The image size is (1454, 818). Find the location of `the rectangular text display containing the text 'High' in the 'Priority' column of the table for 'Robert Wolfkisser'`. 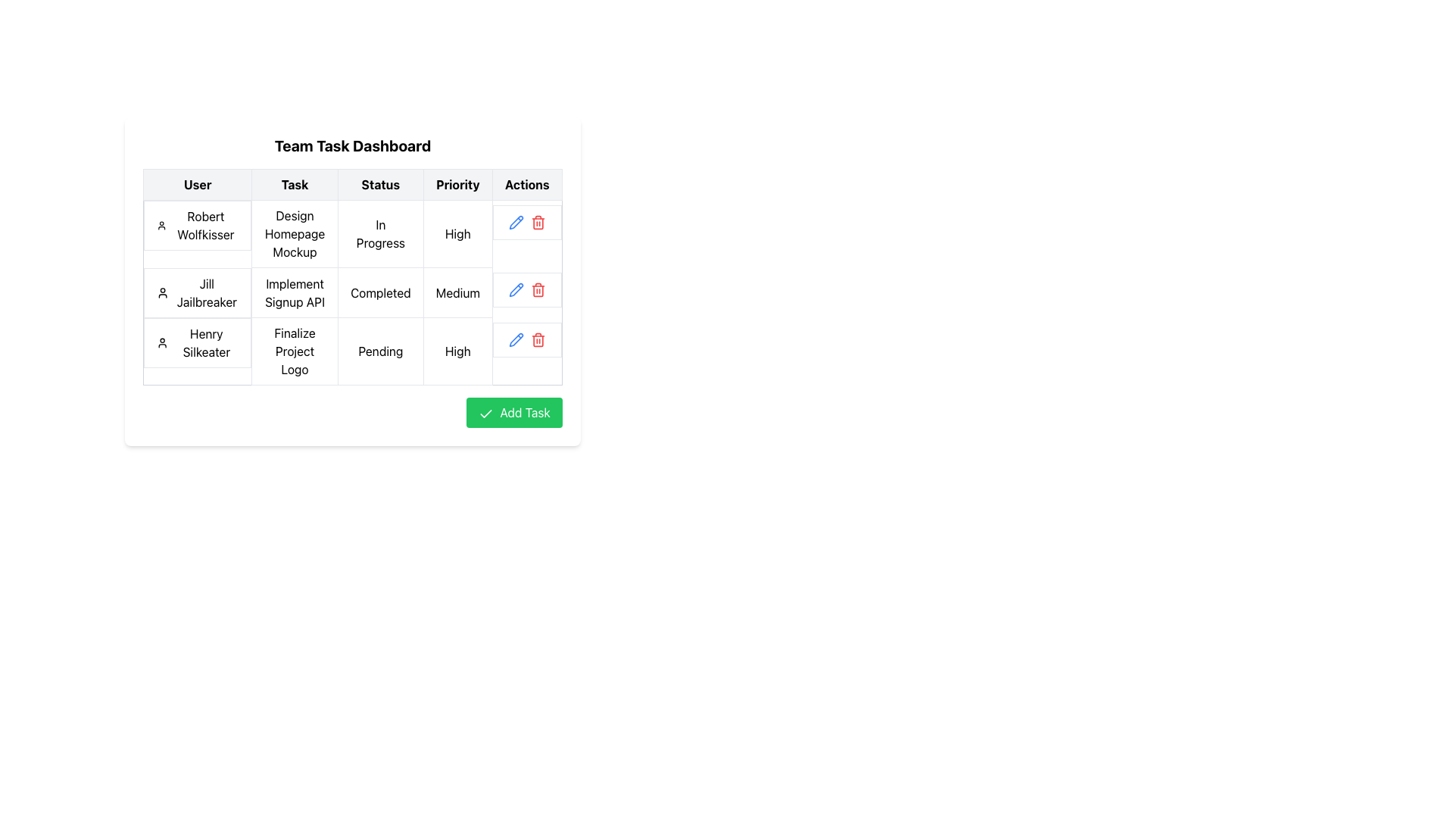

the rectangular text display containing the text 'High' in the 'Priority' column of the table for 'Robert Wolfkisser' is located at coordinates (457, 233).